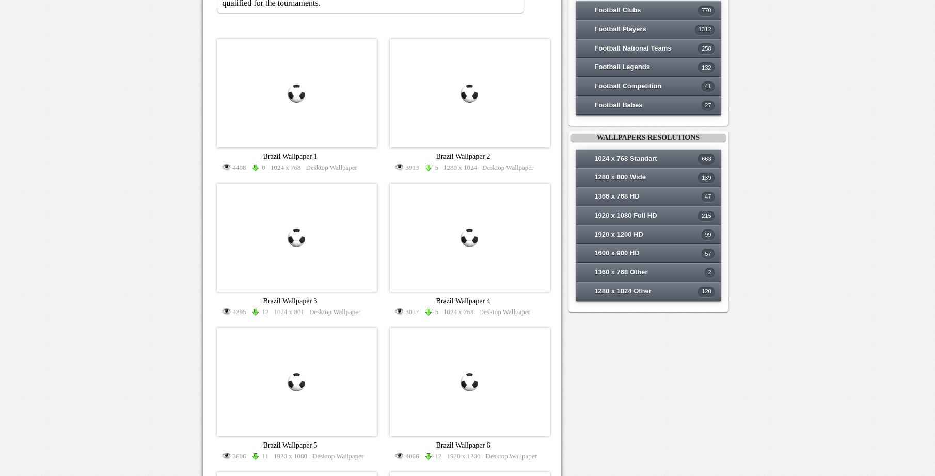 This screenshot has height=476, width=935. What do you see at coordinates (628, 86) in the screenshot?
I see `'Football Competition'` at bounding box center [628, 86].